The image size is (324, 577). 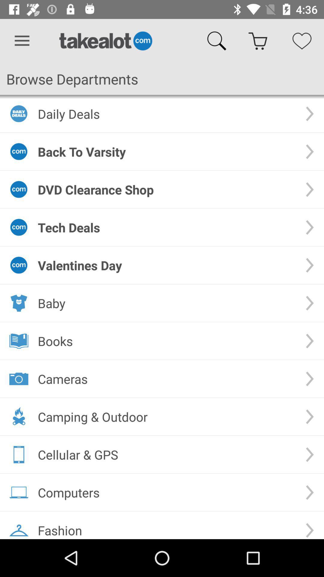 What do you see at coordinates (166, 265) in the screenshot?
I see `the valentines day icon` at bounding box center [166, 265].